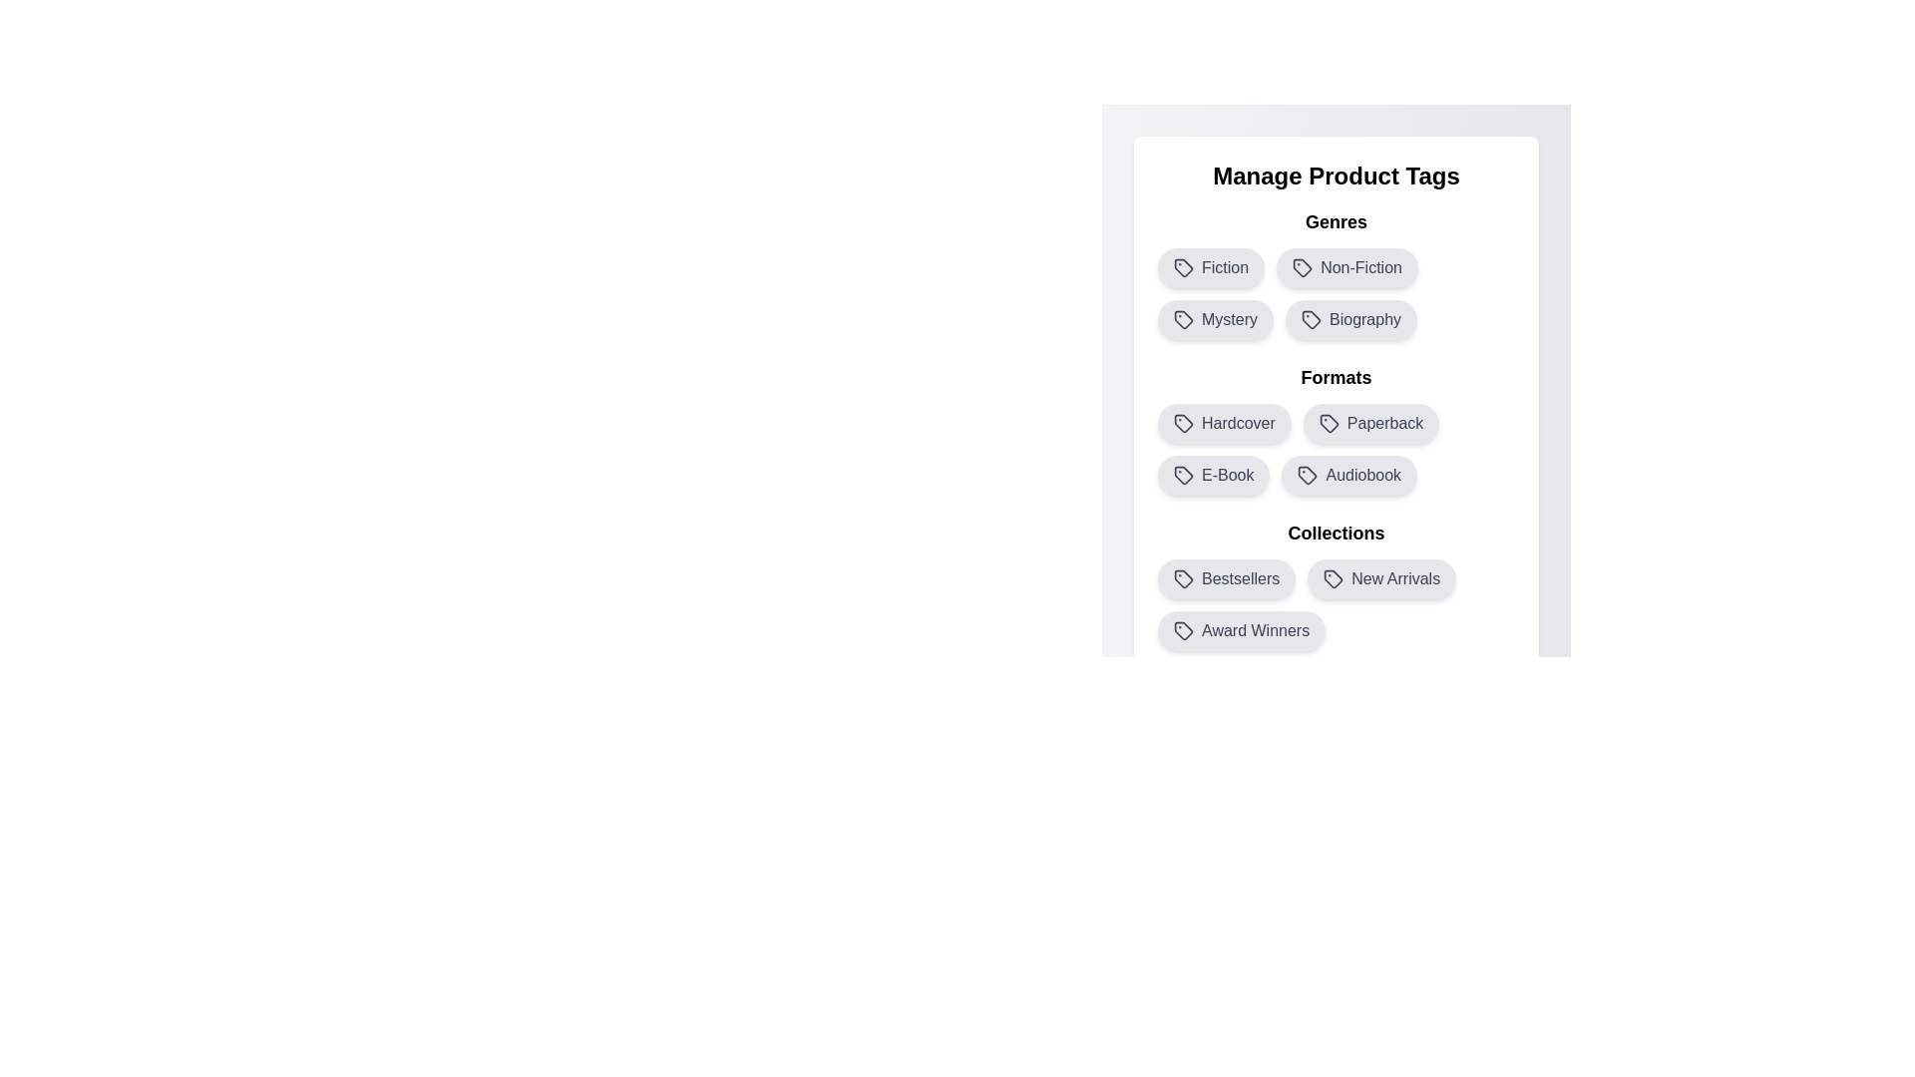 The image size is (1915, 1077). Describe the element at coordinates (1223, 422) in the screenshot. I see `the Toggleable button for 'Hardcover' format located in the 'Formats' section` at that location.